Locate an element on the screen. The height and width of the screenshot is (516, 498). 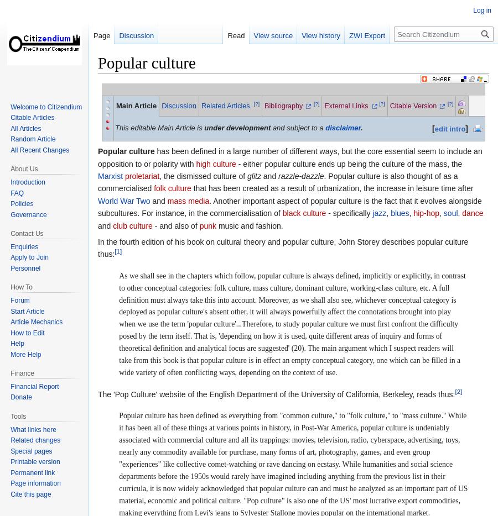
'club culture' is located at coordinates (113, 224).